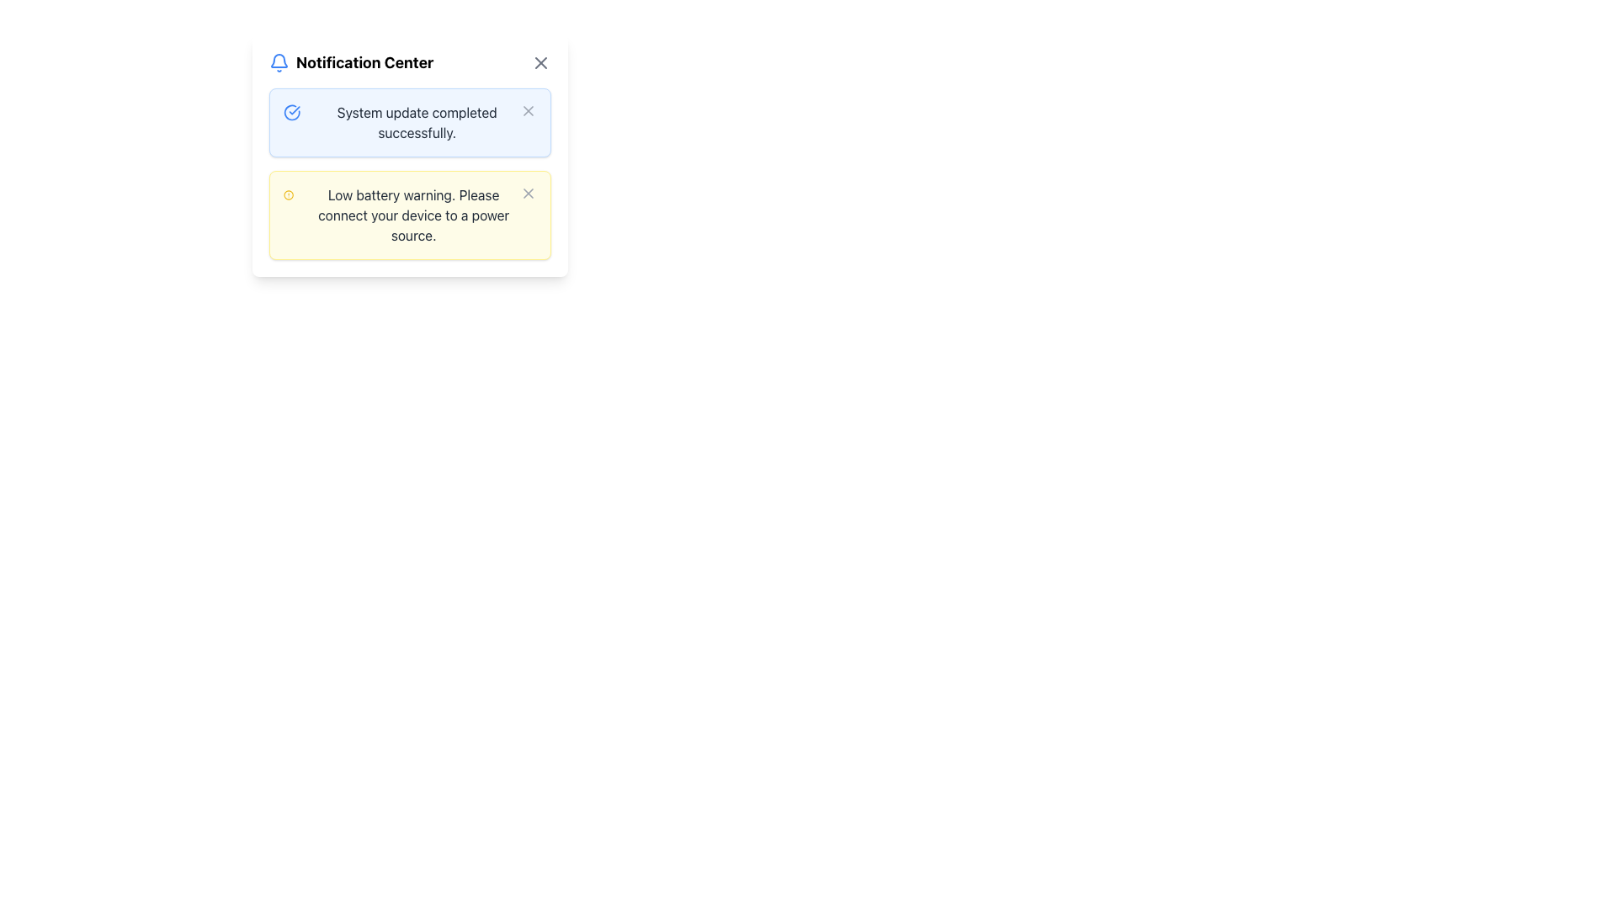 This screenshot has width=1616, height=909. Describe the element at coordinates (528, 110) in the screenshot. I see `the red cross icon button positioned within the notification box` at that location.